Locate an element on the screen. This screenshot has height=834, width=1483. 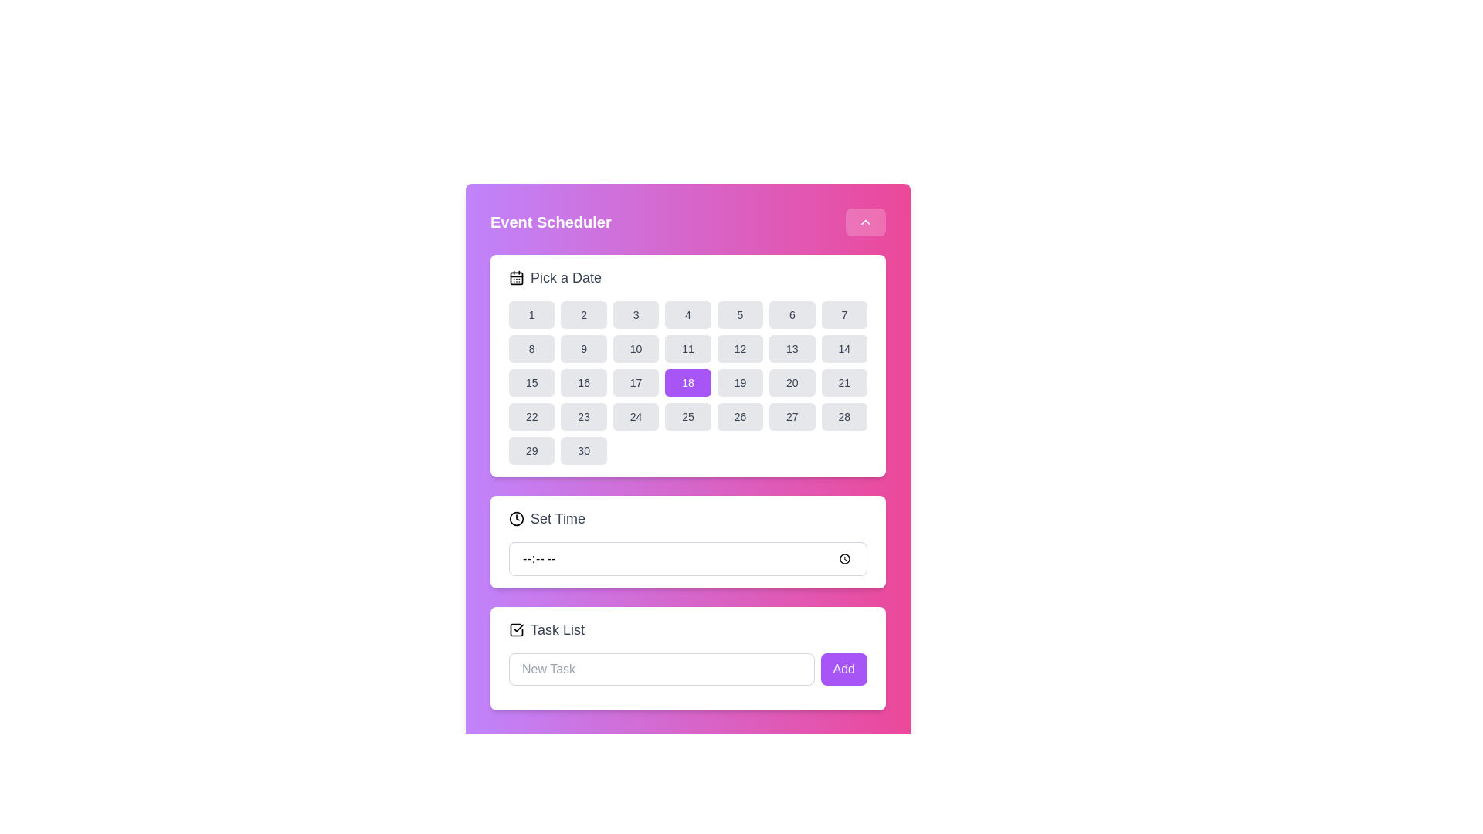
the button displaying the numeric text '3' in the 'Pick a Date' calendar interface is located at coordinates (636, 314).